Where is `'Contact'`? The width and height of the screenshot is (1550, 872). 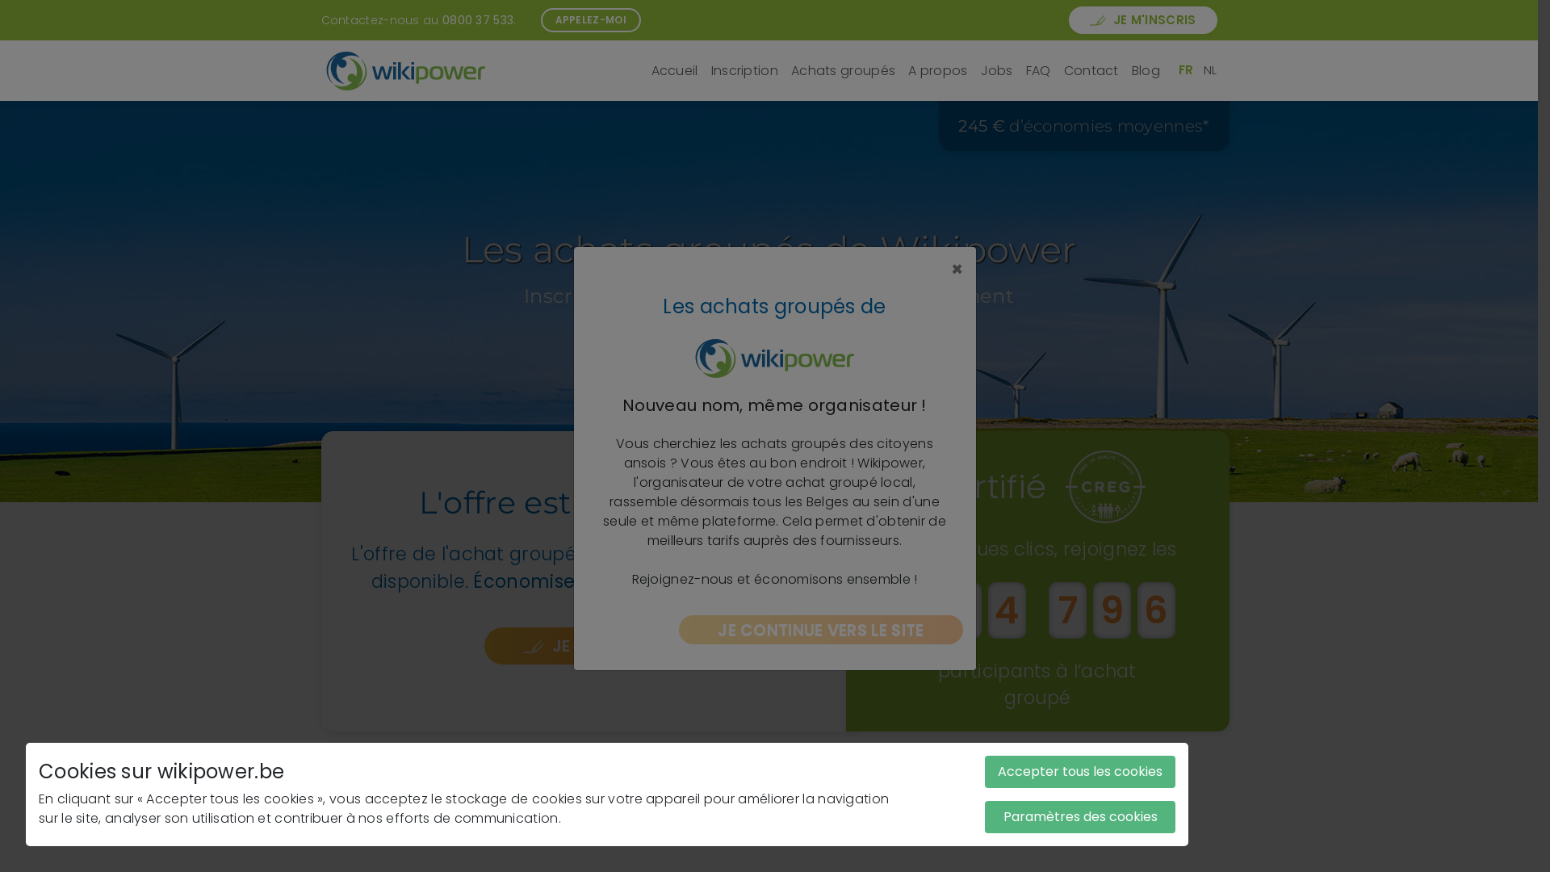 'Contact' is located at coordinates (1091, 70).